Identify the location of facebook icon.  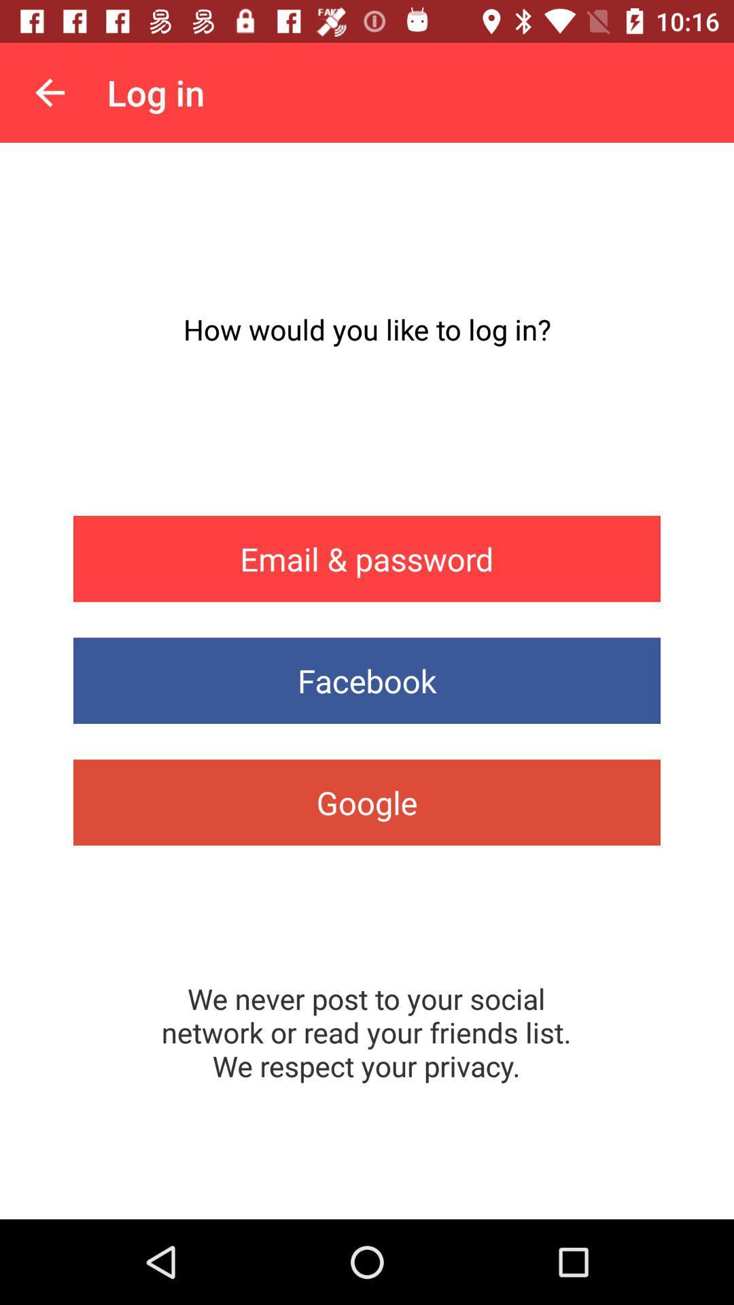
(367, 680).